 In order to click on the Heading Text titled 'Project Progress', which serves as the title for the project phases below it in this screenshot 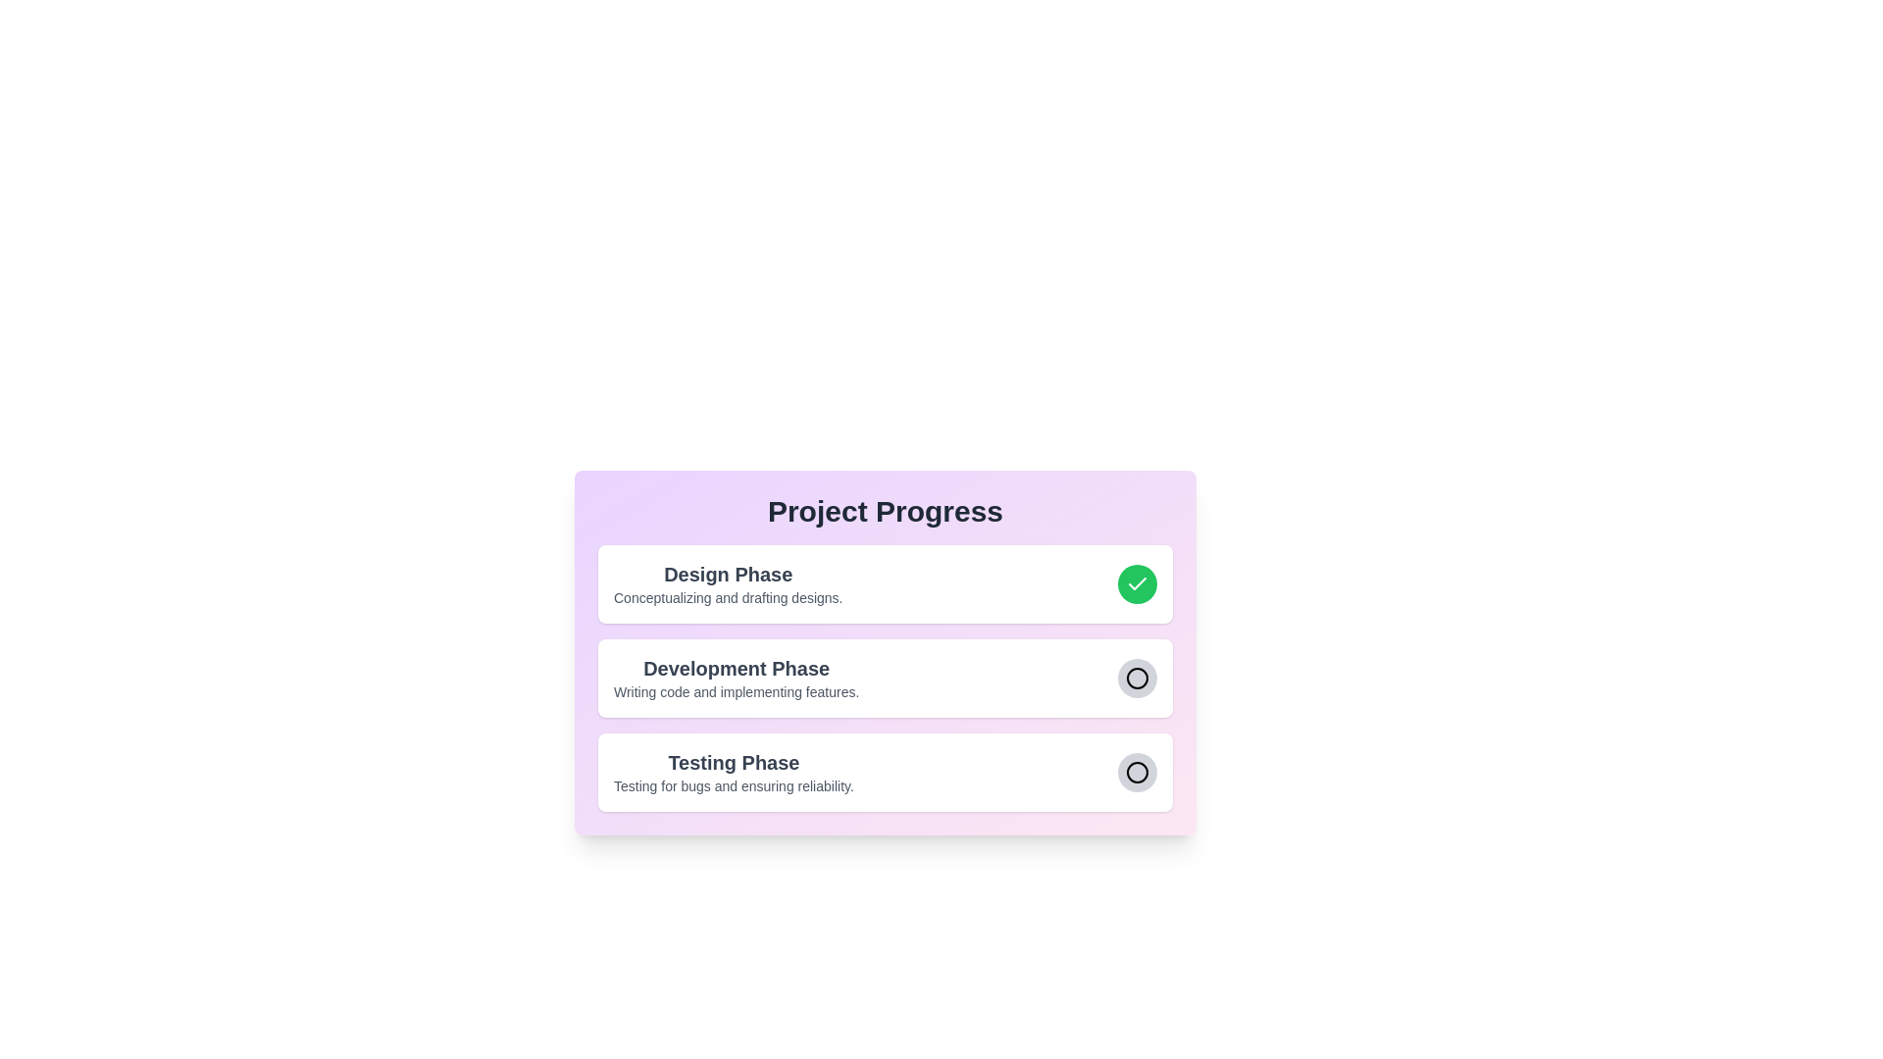, I will do `click(884, 510)`.